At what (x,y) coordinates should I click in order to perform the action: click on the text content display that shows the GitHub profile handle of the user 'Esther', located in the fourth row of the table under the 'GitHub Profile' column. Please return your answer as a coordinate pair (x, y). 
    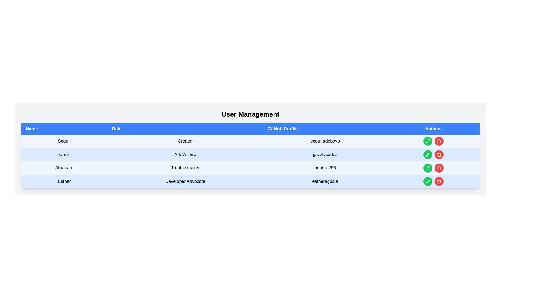
    Looking at the image, I should click on (325, 181).